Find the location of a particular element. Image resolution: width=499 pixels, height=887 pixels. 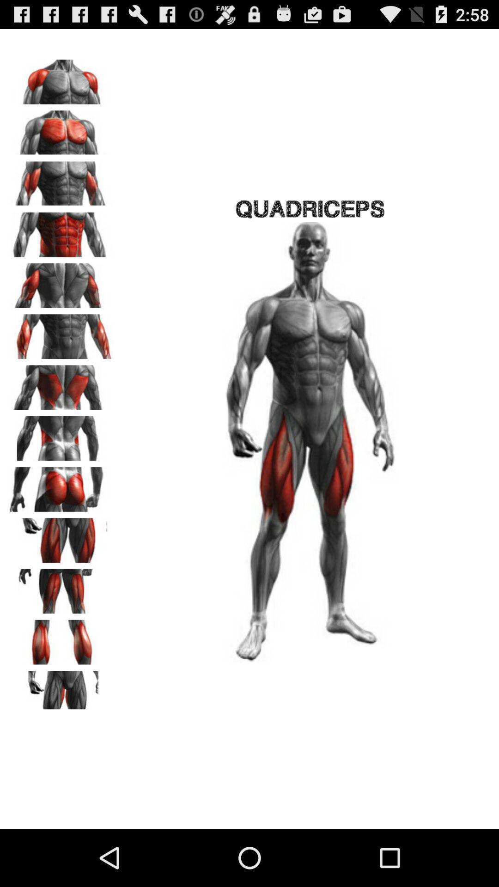

find exercises for glutes is located at coordinates (61, 486).